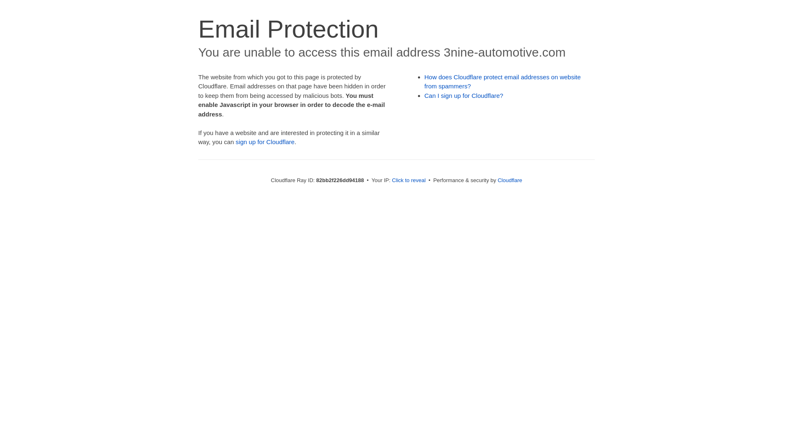 This screenshot has width=793, height=446. I want to click on 'Click to reveal', so click(408, 180).